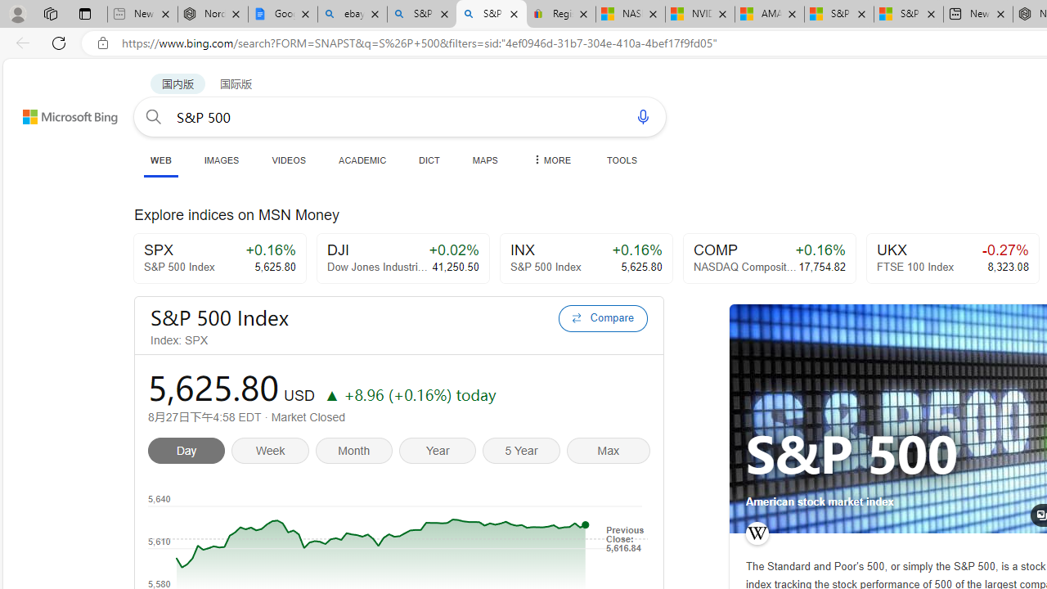  What do you see at coordinates (621, 160) in the screenshot?
I see `'TOOLS'` at bounding box center [621, 160].